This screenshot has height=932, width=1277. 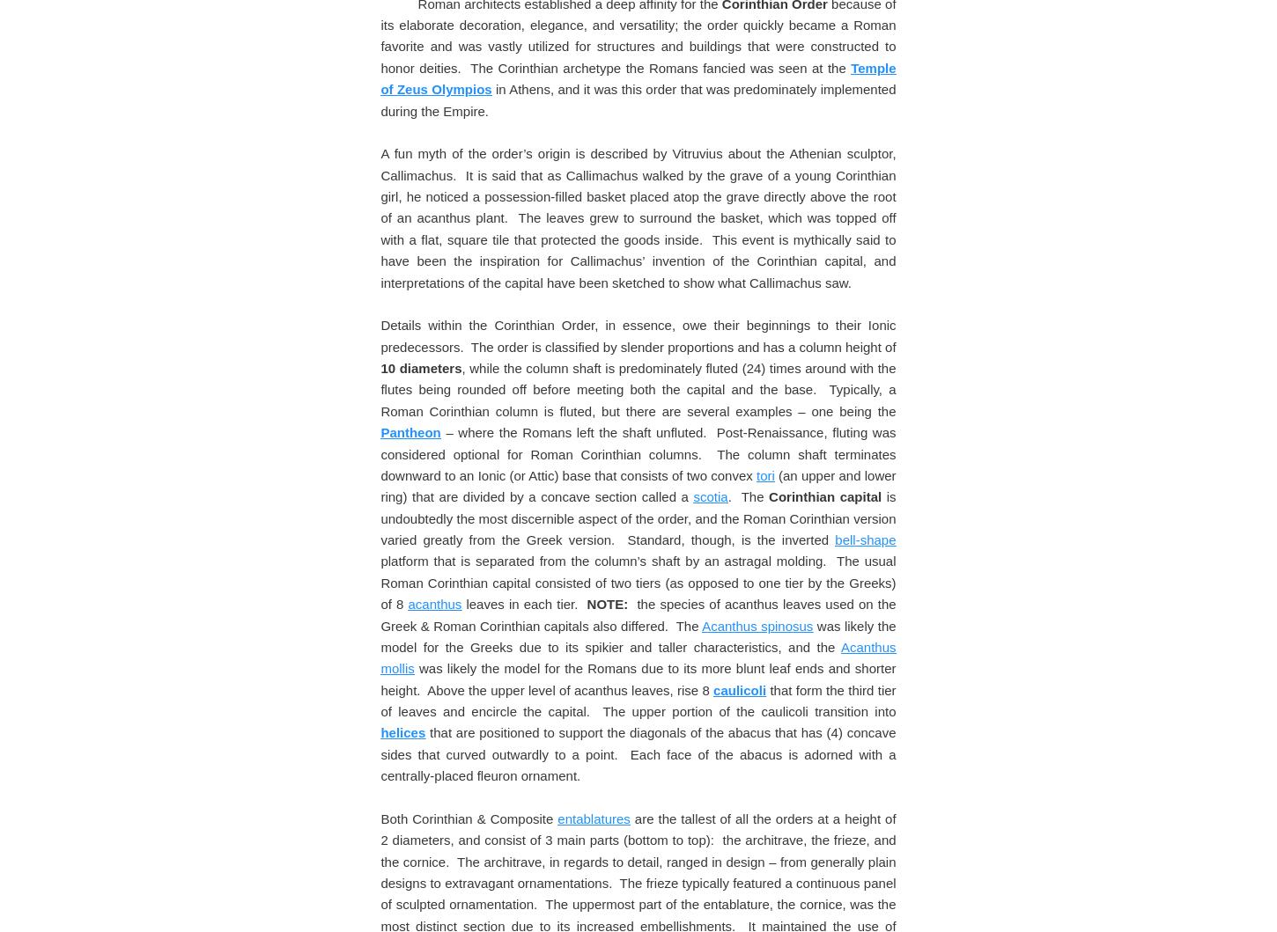 I want to click on 'cymatium', so click(x=651, y=271).